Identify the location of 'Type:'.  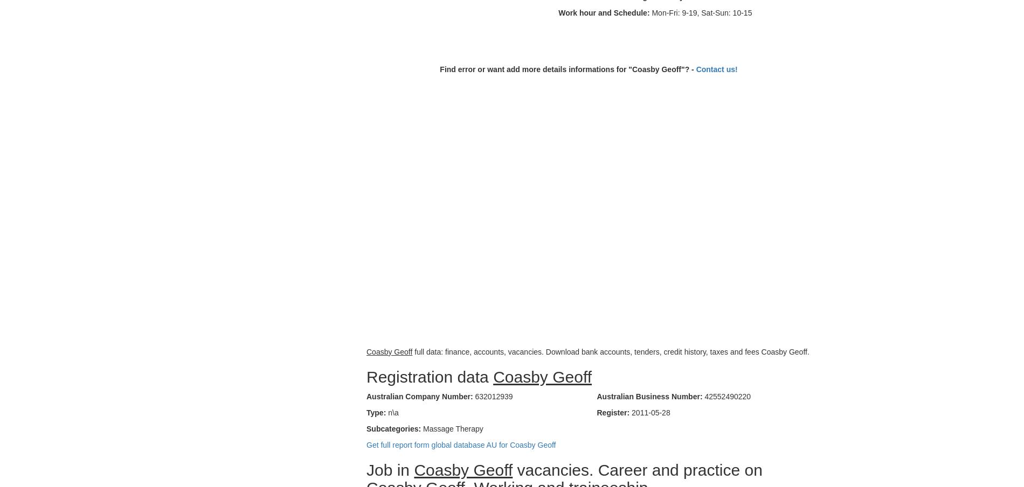
(366, 412).